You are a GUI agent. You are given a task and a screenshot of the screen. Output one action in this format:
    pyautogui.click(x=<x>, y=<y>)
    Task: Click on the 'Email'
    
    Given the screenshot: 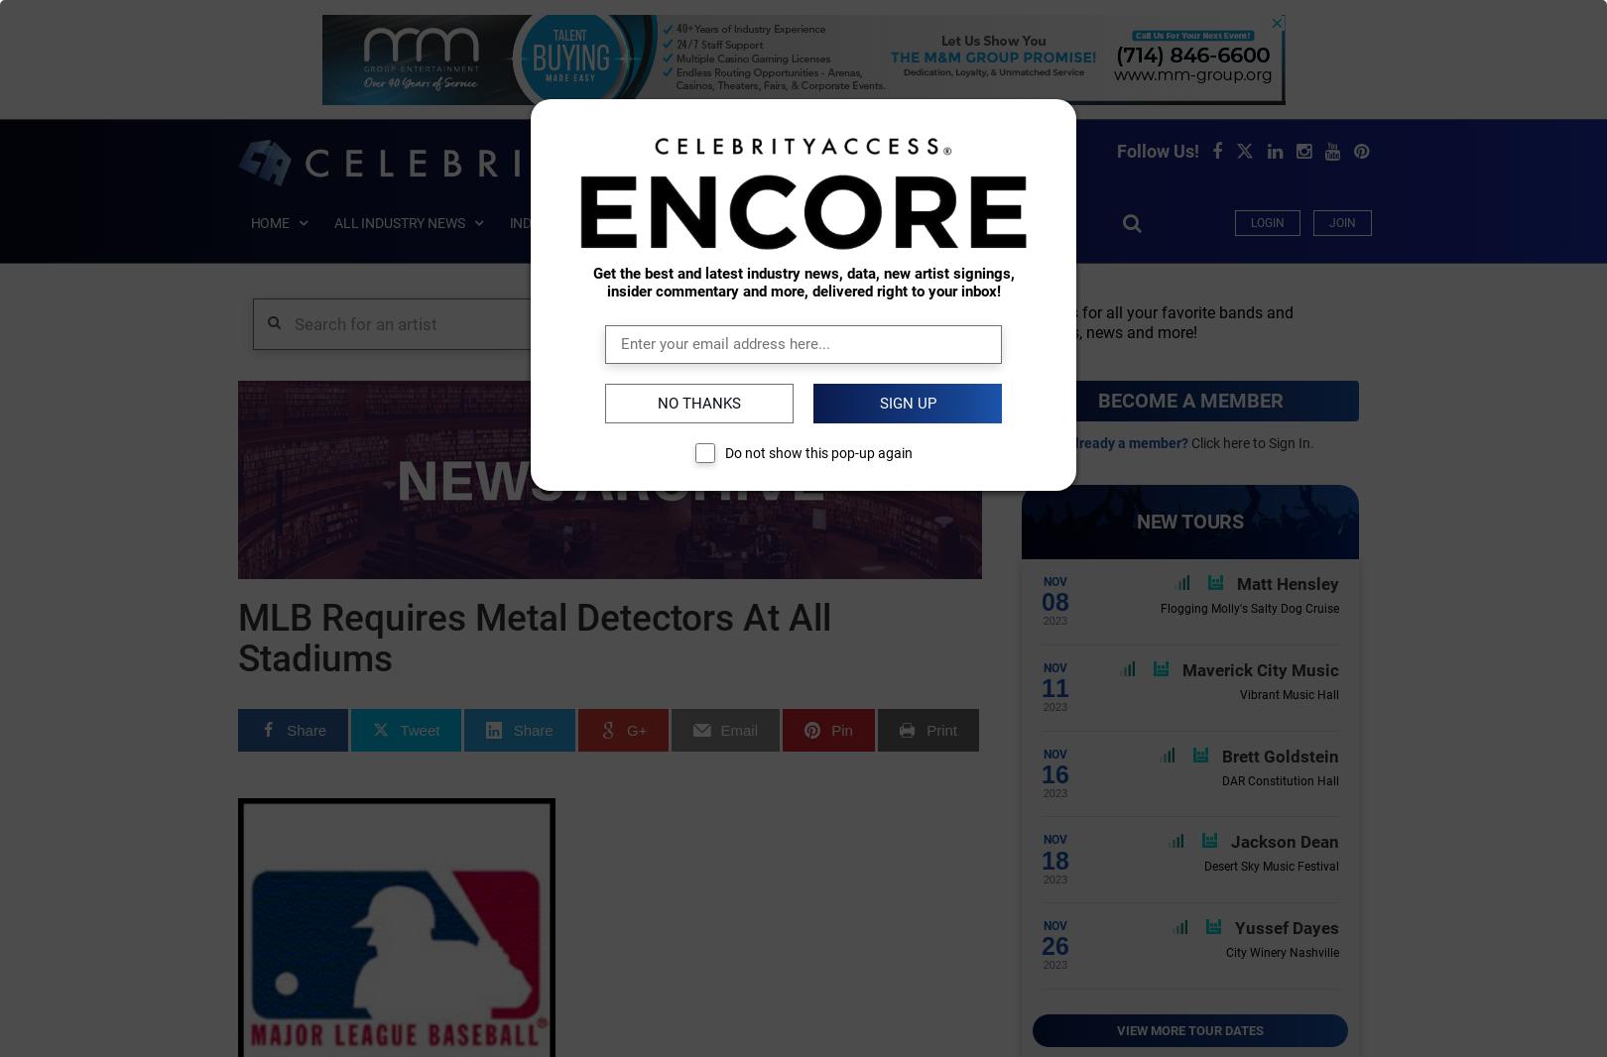 What is the action you would take?
    pyautogui.click(x=738, y=728)
    